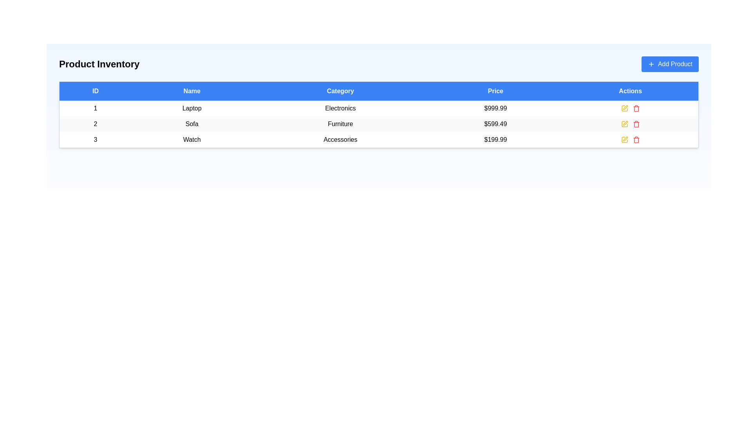 This screenshot has height=423, width=752. I want to click on the delete button in the 'Actions' column of the last row of the table, so click(636, 139).